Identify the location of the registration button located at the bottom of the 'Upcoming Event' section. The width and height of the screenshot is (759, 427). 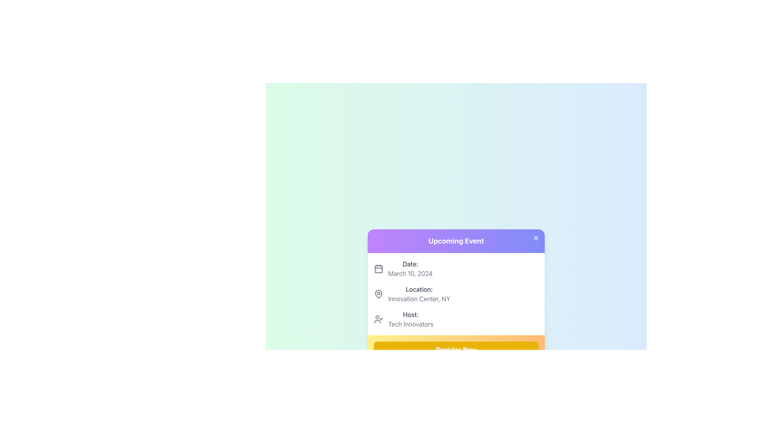
(456, 349).